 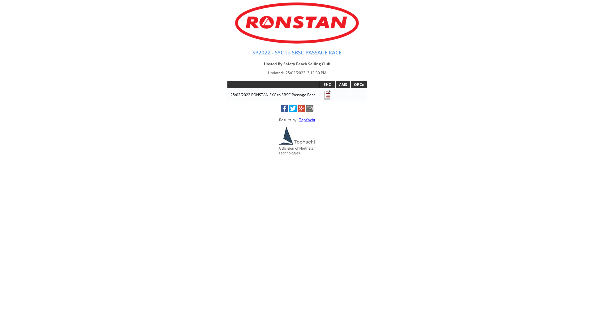 What do you see at coordinates (289, 110) in the screenshot?
I see `'Tweet'` at bounding box center [289, 110].